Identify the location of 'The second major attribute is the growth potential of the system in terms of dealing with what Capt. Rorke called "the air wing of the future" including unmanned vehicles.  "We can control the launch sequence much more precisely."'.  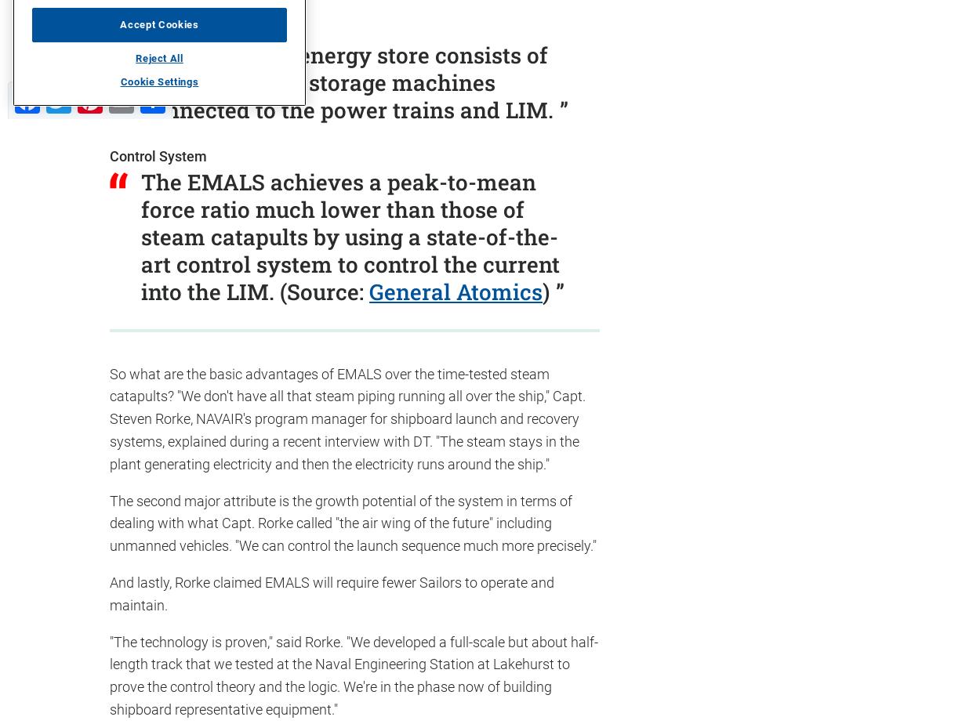
(352, 523).